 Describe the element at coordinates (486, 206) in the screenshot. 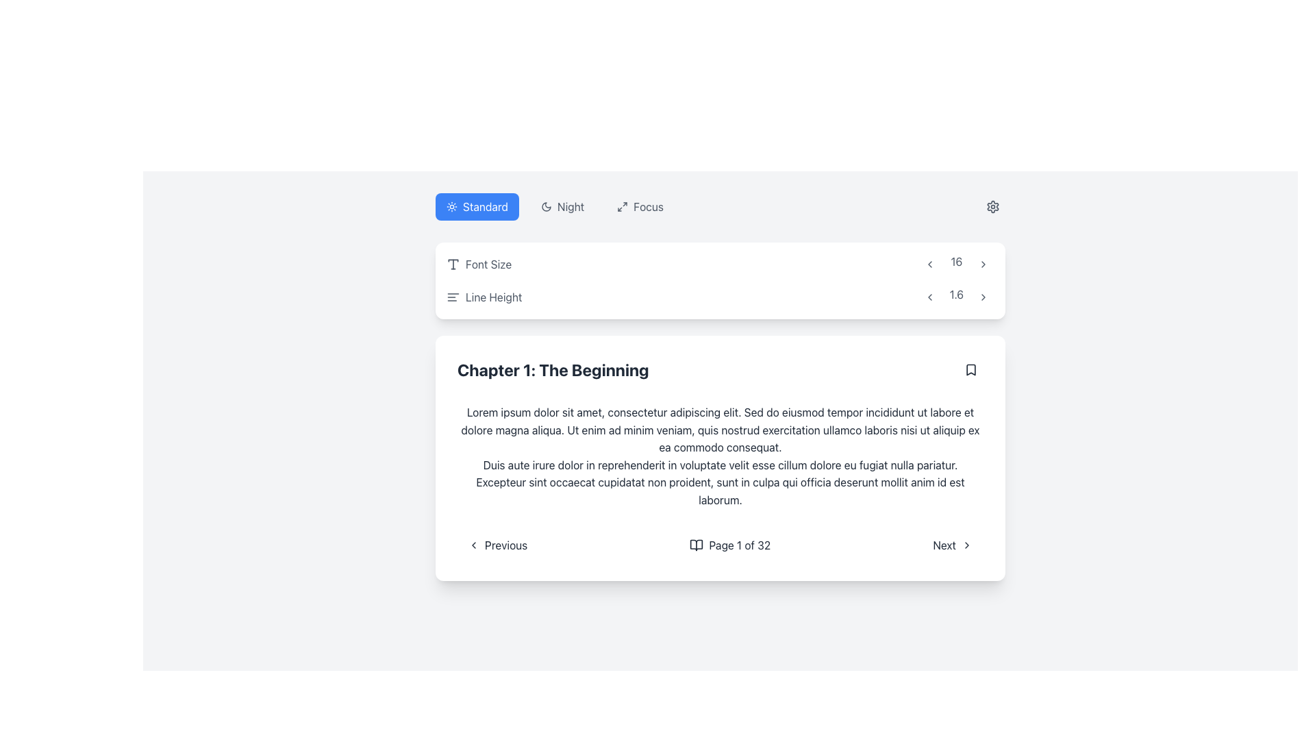

I see `the text label reading 'Standard' which is centered within a rounded blue rectangular button, located in the top-left section of the interface` at that location.